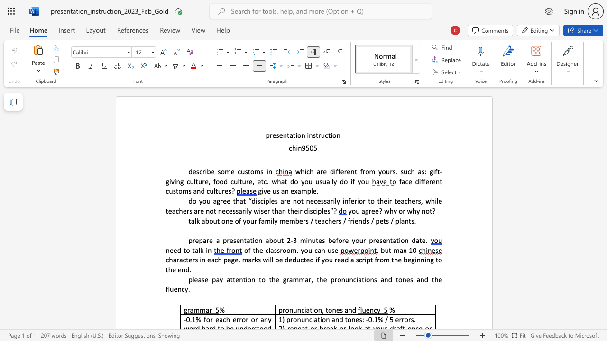 This screenshot has height=341, width=607. Describe the element at coordinates (284, 279) in the screenshot. I see `the 1th character "g" in the text` at that location.